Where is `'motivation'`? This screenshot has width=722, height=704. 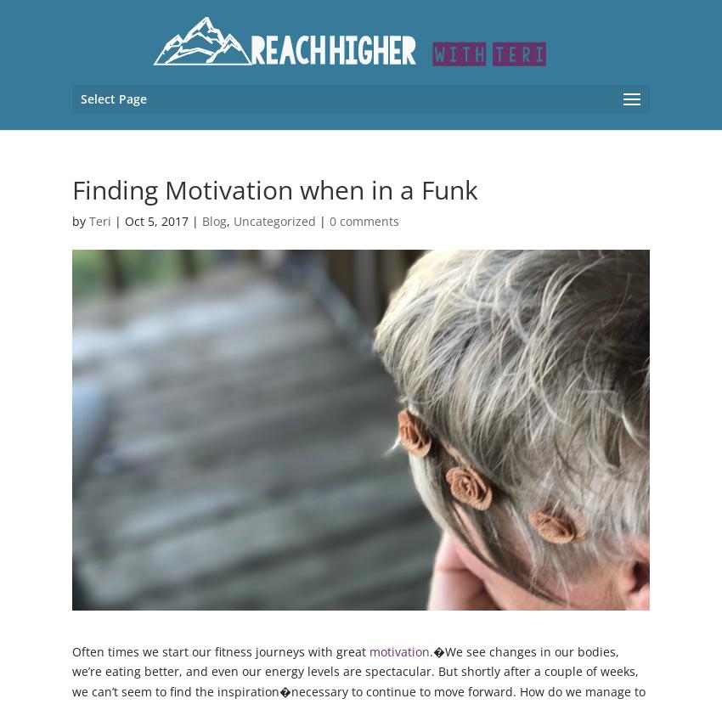 'motivation' is located at coordinates (369, 650).